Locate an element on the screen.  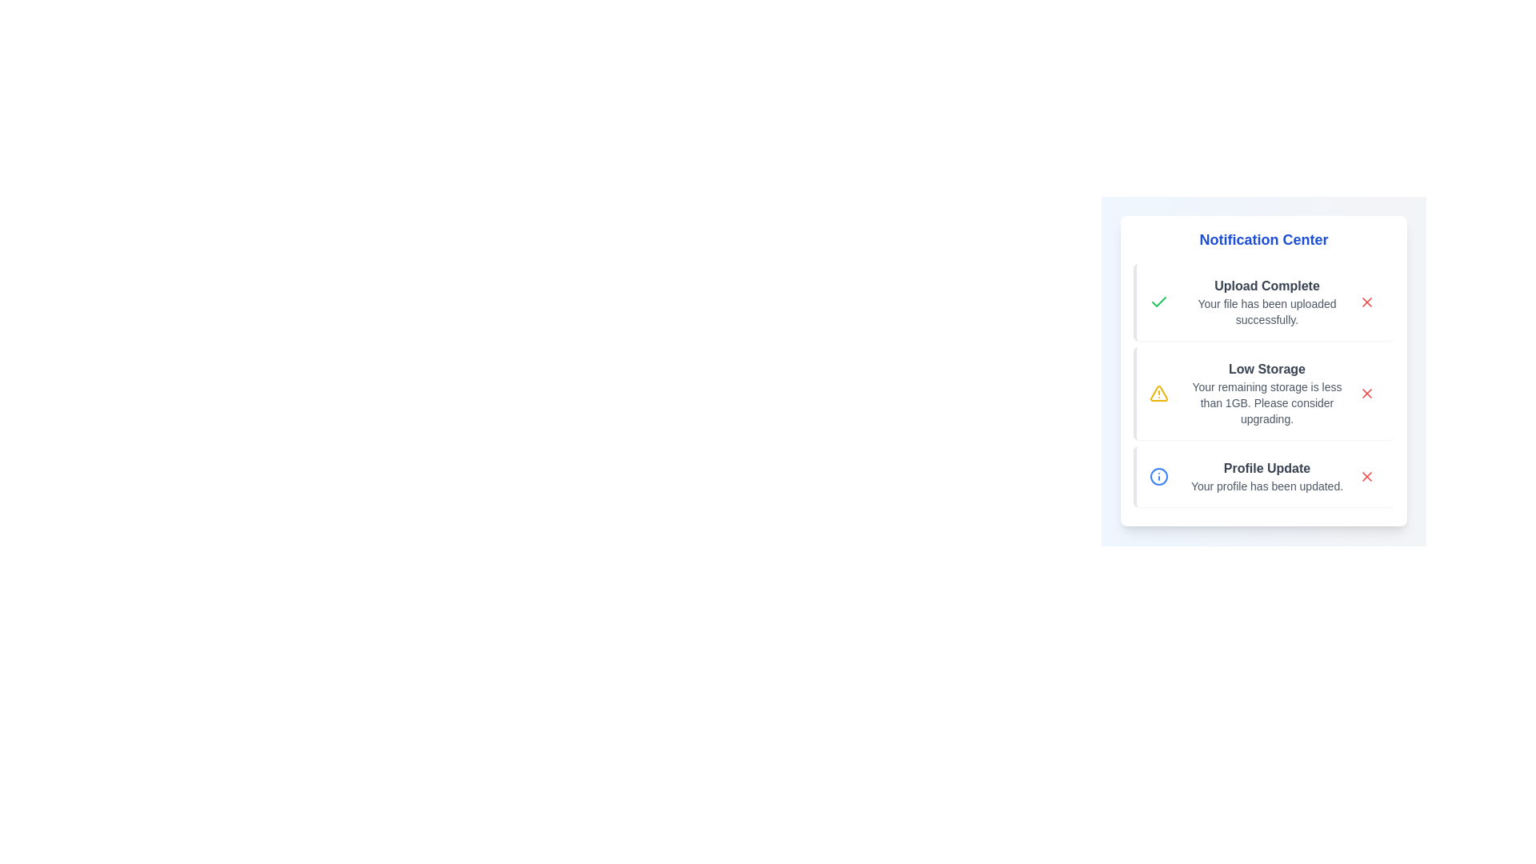
the text label indicating the completion status of an upload operation, which is located at the top of a notification card in the notification panel is located at coordinates (1266, 285).